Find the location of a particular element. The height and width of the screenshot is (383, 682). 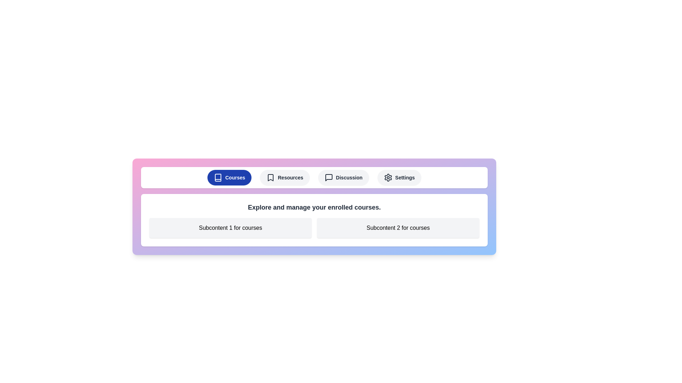

the static display box with the text 'Subcontent 2 for courses' to change its background color is located at coordinates (398, 228).